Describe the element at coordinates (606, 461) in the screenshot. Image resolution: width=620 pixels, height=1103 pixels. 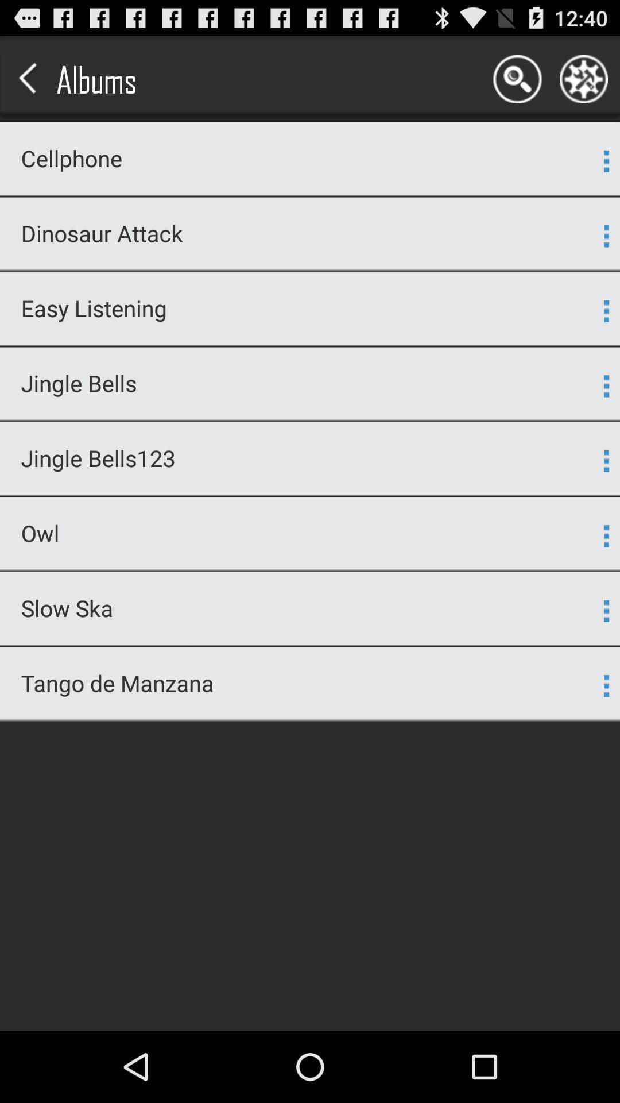
I see `icon next to jingle bells123` at that location.